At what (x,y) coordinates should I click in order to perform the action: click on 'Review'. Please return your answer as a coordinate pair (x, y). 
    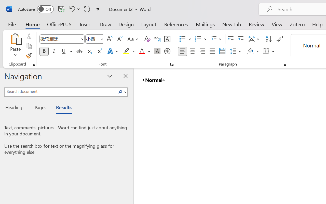
    Looking at the image, I should click on (256, 24).